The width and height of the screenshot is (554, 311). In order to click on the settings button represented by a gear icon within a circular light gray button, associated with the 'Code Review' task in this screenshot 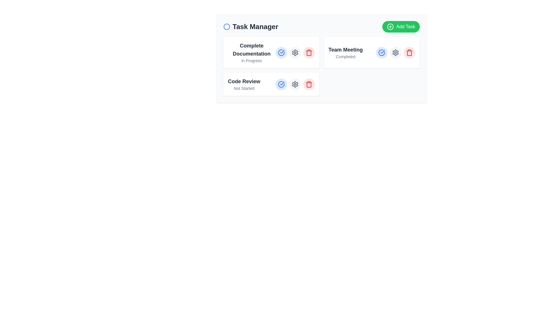, I will do `click(295, 52)`.